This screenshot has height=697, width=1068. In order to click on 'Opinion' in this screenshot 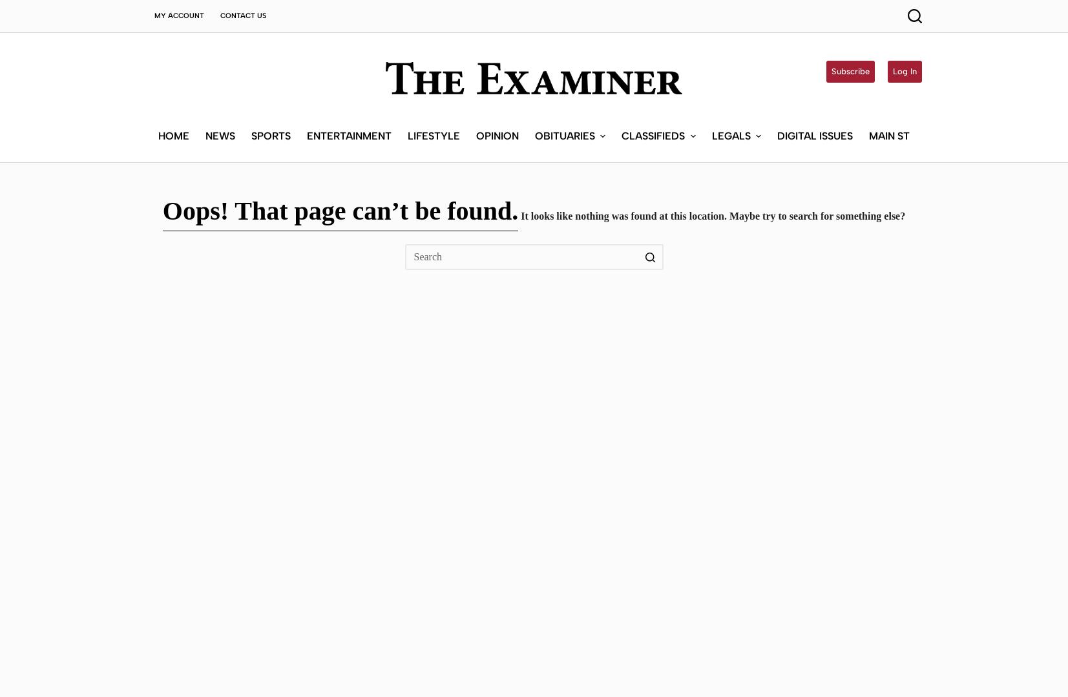, I will do `click(496, 45)`.